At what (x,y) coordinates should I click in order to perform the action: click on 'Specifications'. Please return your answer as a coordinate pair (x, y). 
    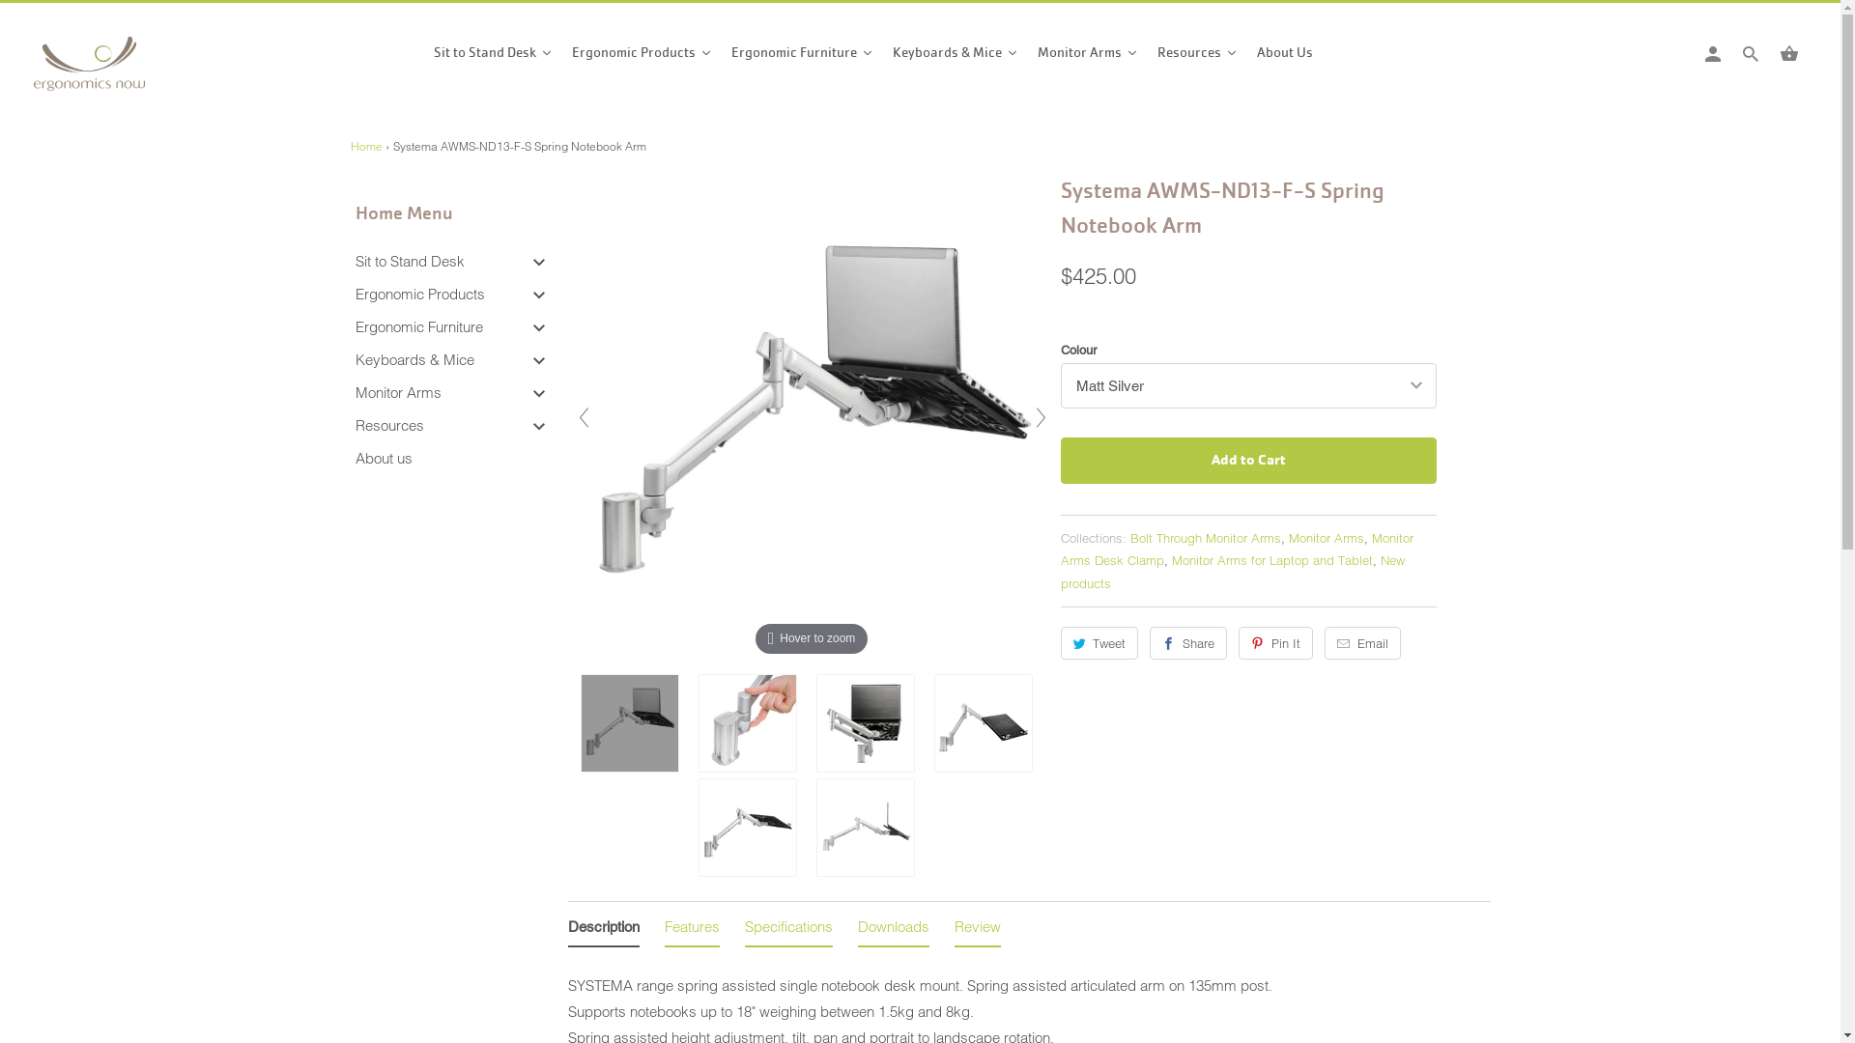
    Looking at the image, I should click on (787, 929).